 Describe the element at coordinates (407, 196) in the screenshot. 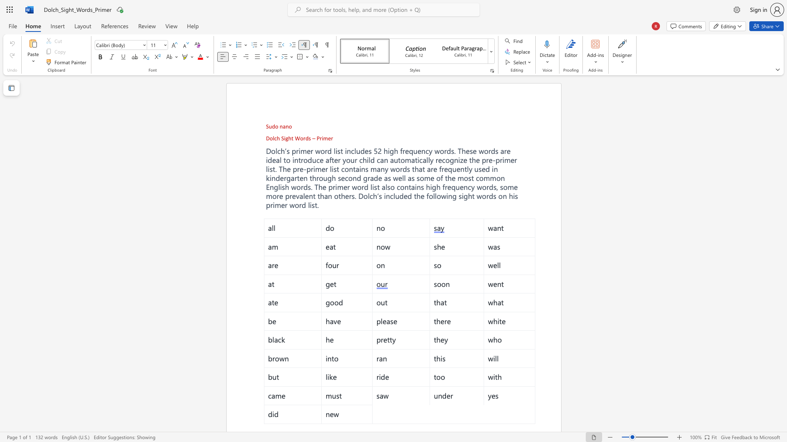

I see `the subset text "d the fo" within the text "high frequency words, some more prevalent than others. Dolch’s included the following sight words on his primer word list."` at that location.